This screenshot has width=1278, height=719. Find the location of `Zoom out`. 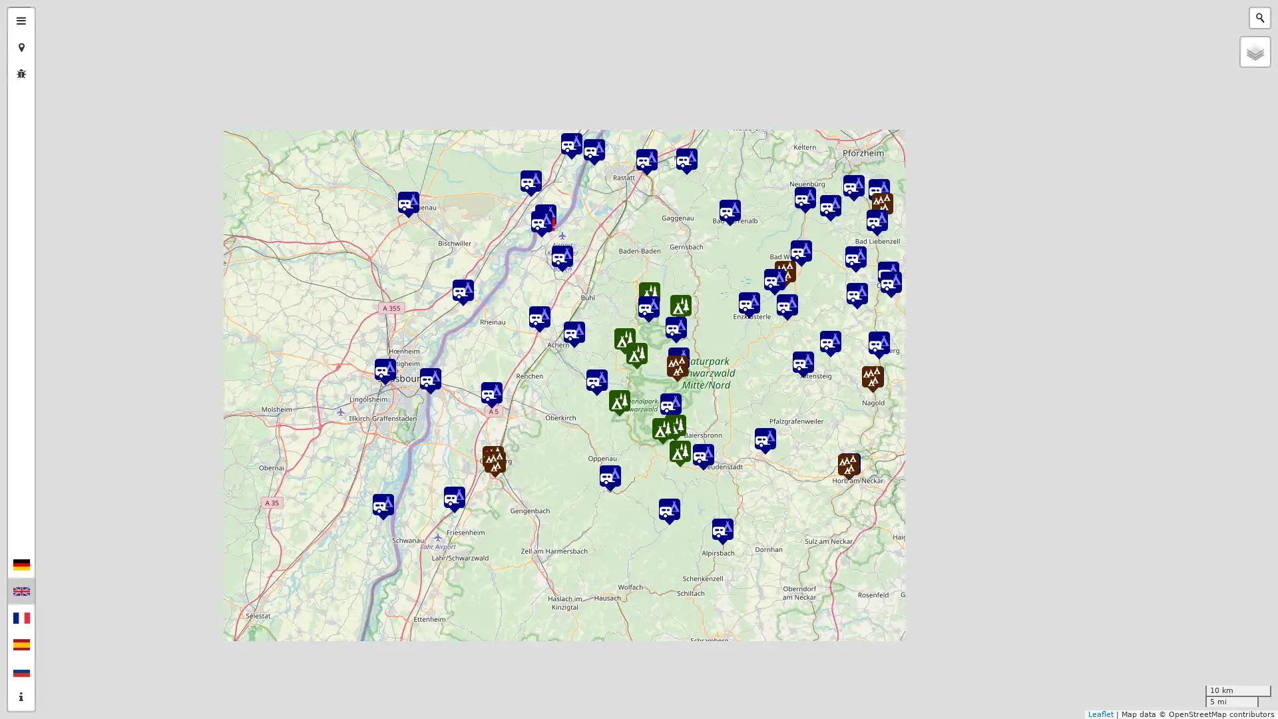

Zoom out is located at coordinates (51, 37).